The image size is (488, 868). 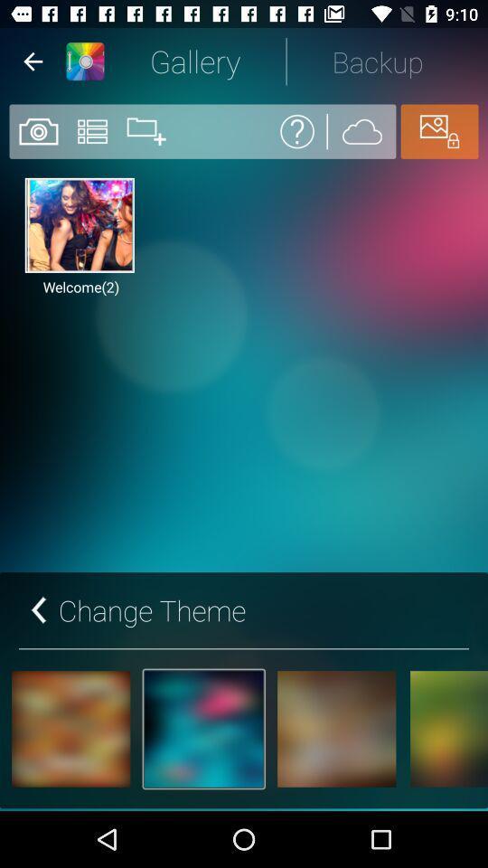 What do you see at coordinates (92, 130) in the screenshot?
I see `the list icon` at bounding box center [92, 130].